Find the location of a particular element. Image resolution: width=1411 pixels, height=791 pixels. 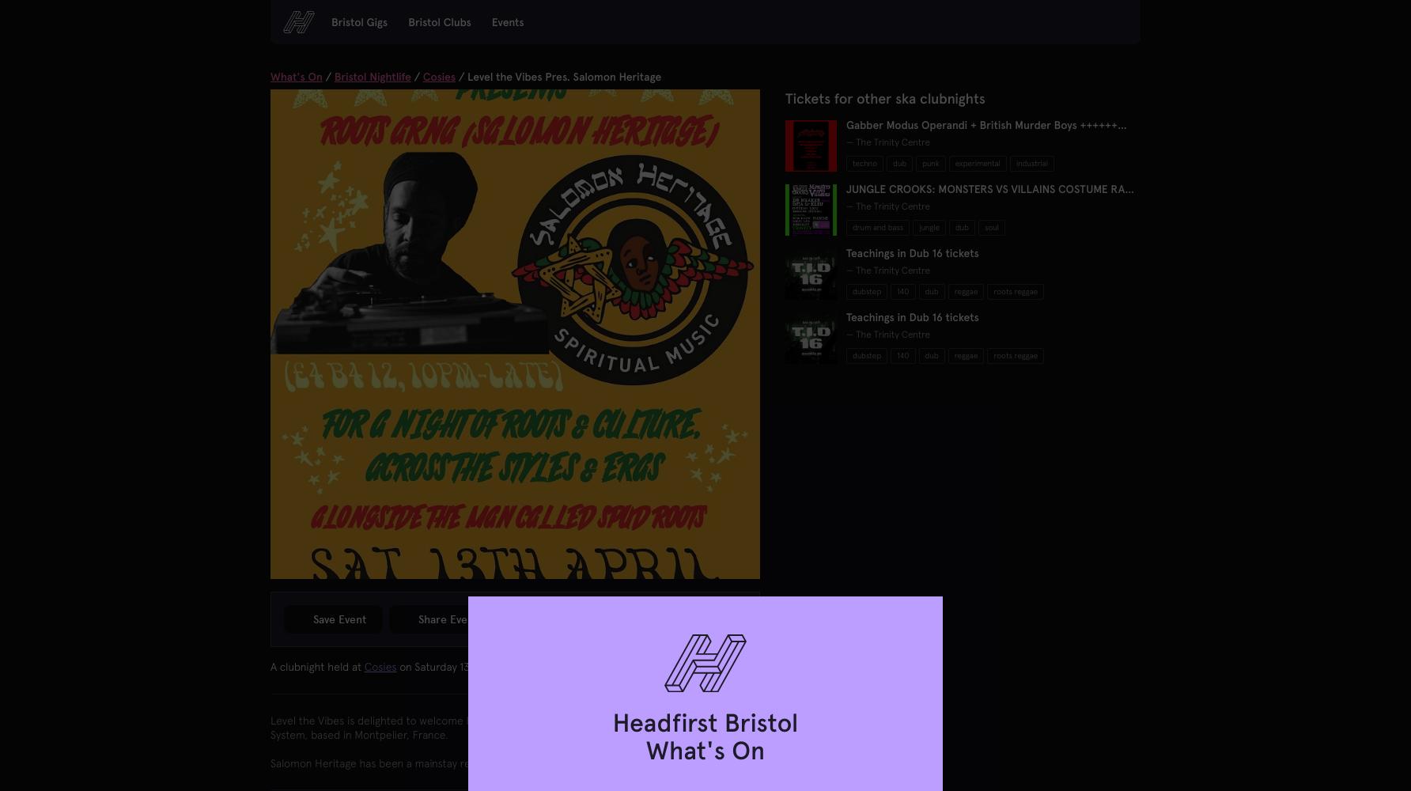

'Tickets for other ska clubnights' is located at coordinates (884, 97).